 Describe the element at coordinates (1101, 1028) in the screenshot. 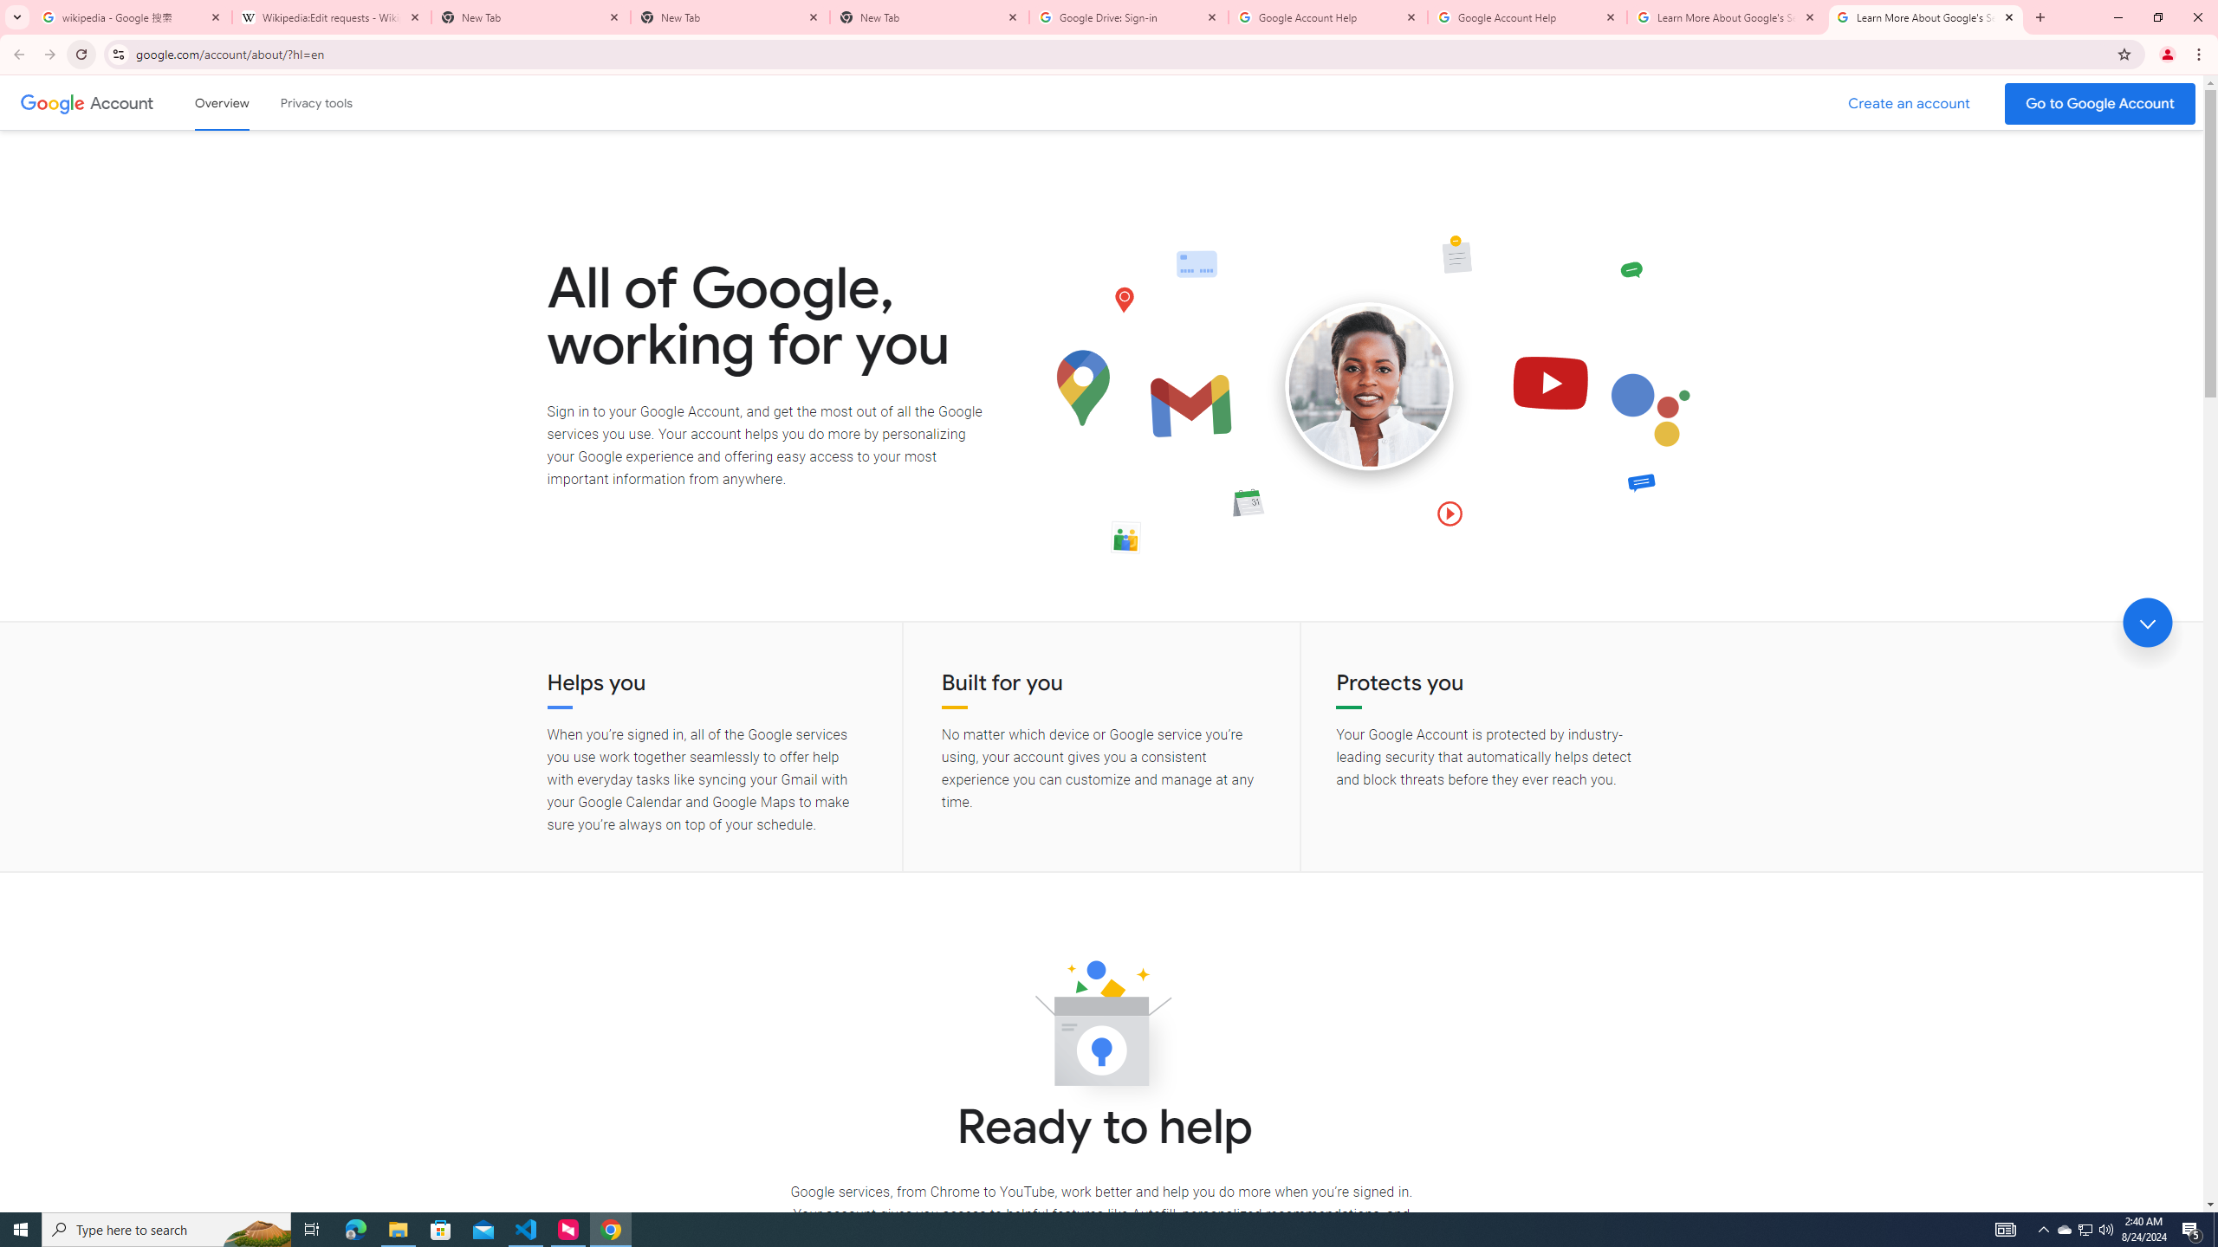

I see `'Ready to help'` at that location.